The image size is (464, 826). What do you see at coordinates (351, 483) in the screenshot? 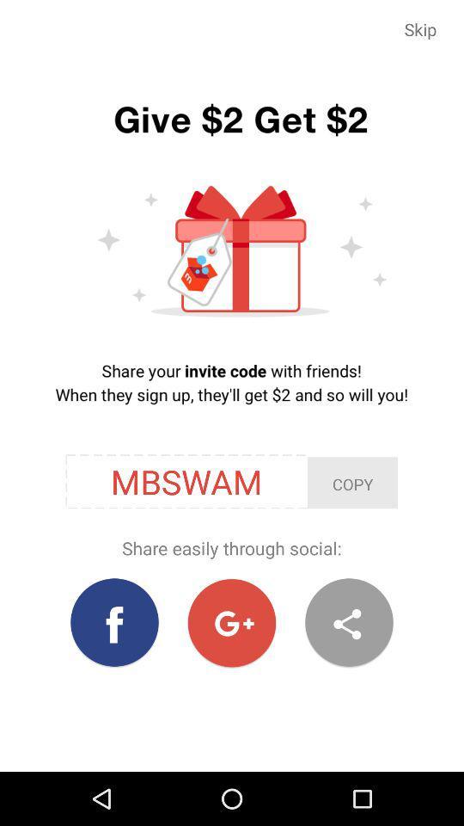
I see `the copy on the right` at bounding box center [351, 483].